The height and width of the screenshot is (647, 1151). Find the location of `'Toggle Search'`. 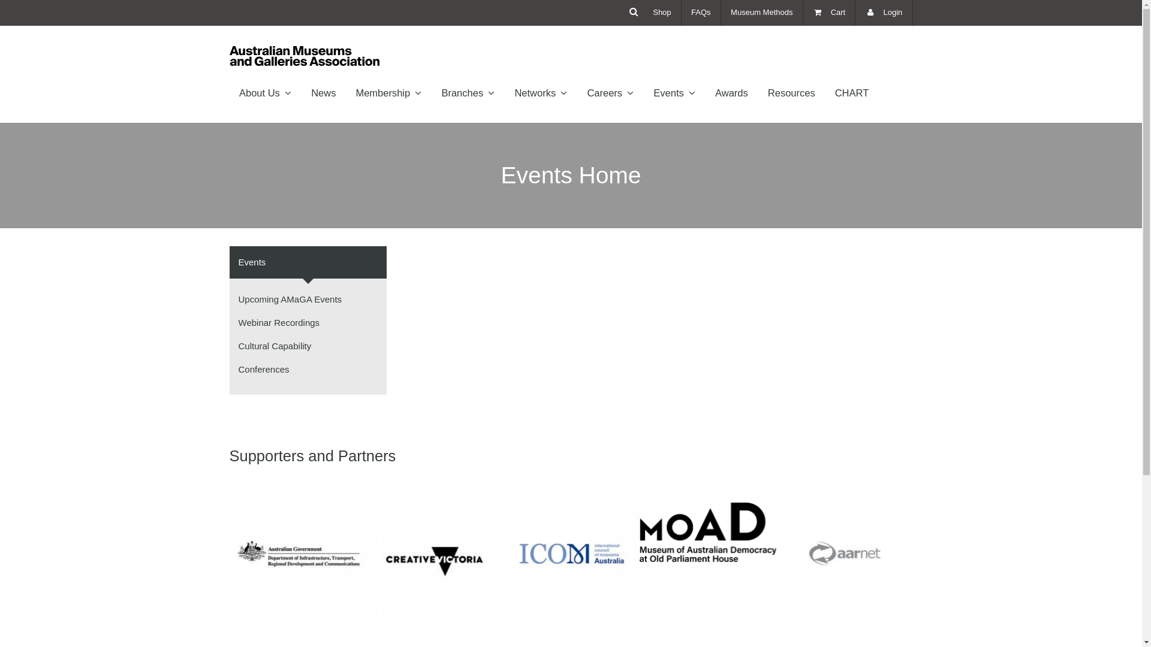

'Toggle Search' is located at coordinates (633, 11).